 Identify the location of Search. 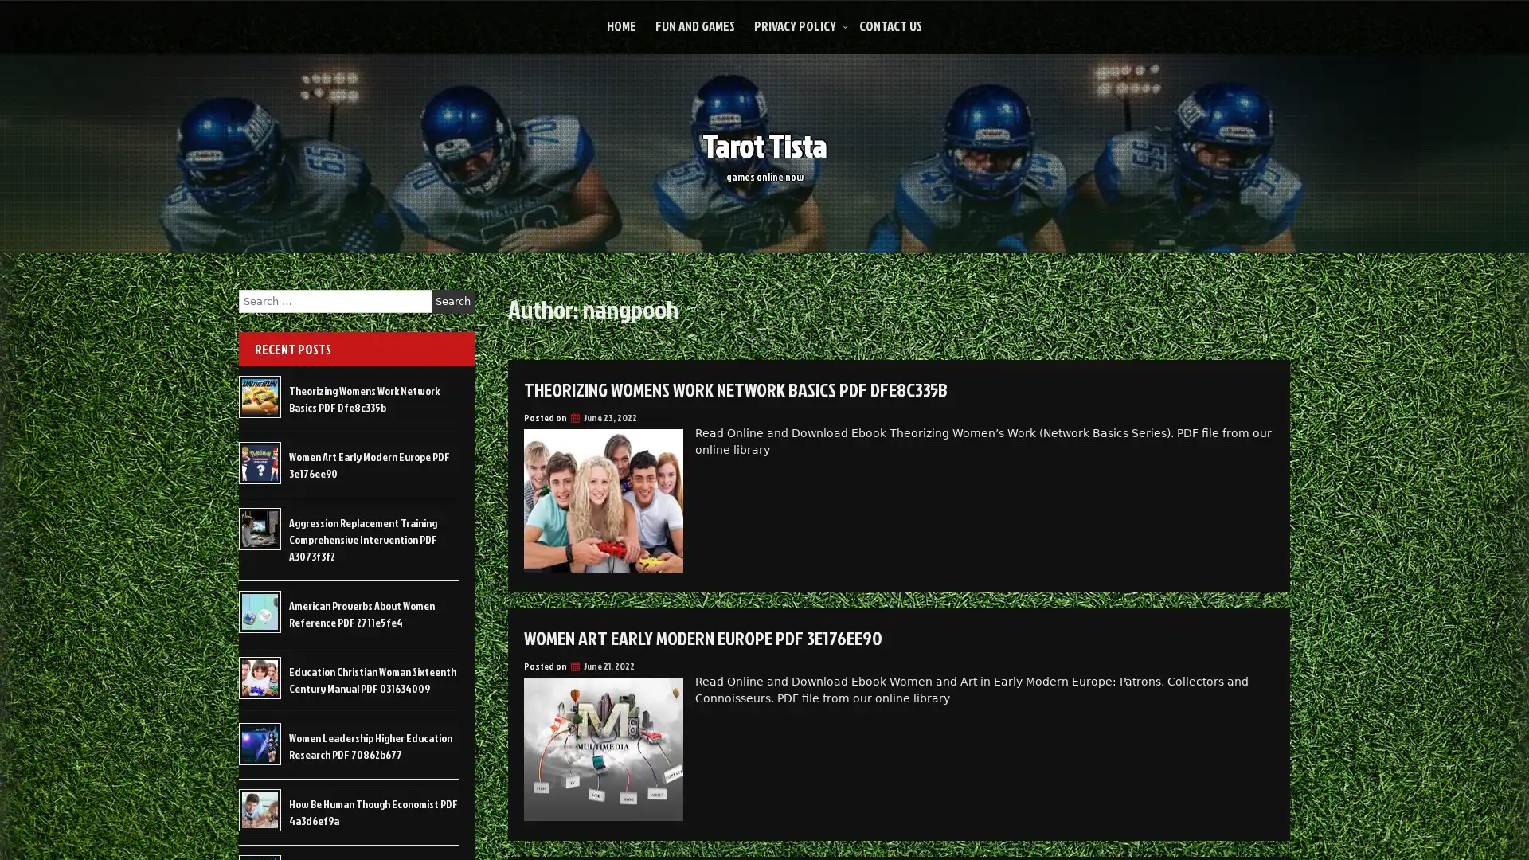
(452, 301).